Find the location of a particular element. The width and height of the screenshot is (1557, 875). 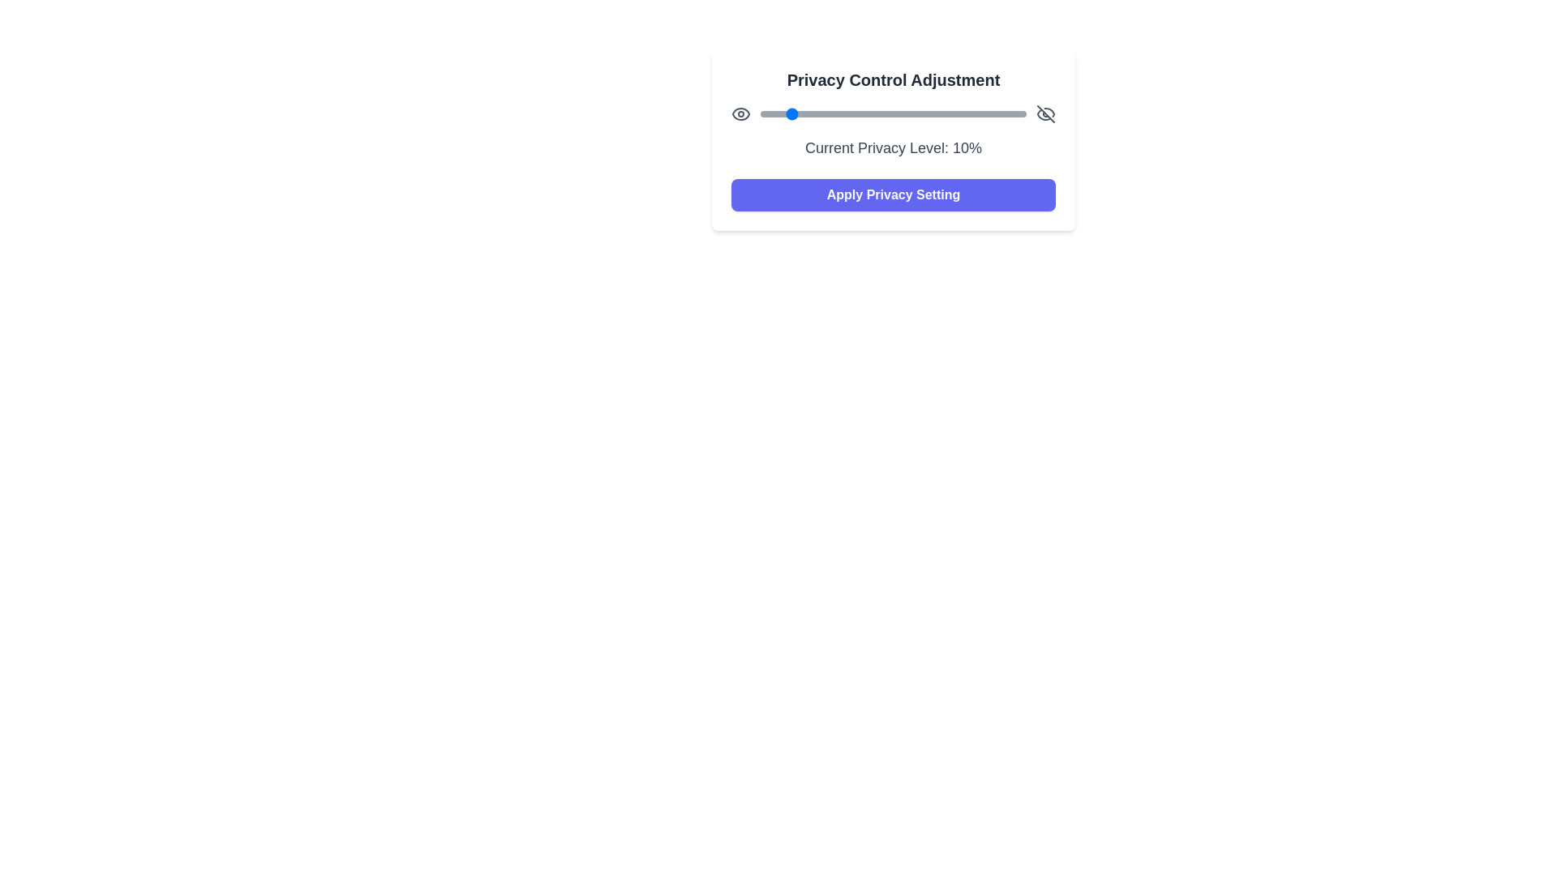

the privacy slider to 74% is located at coordinates (957, 113).